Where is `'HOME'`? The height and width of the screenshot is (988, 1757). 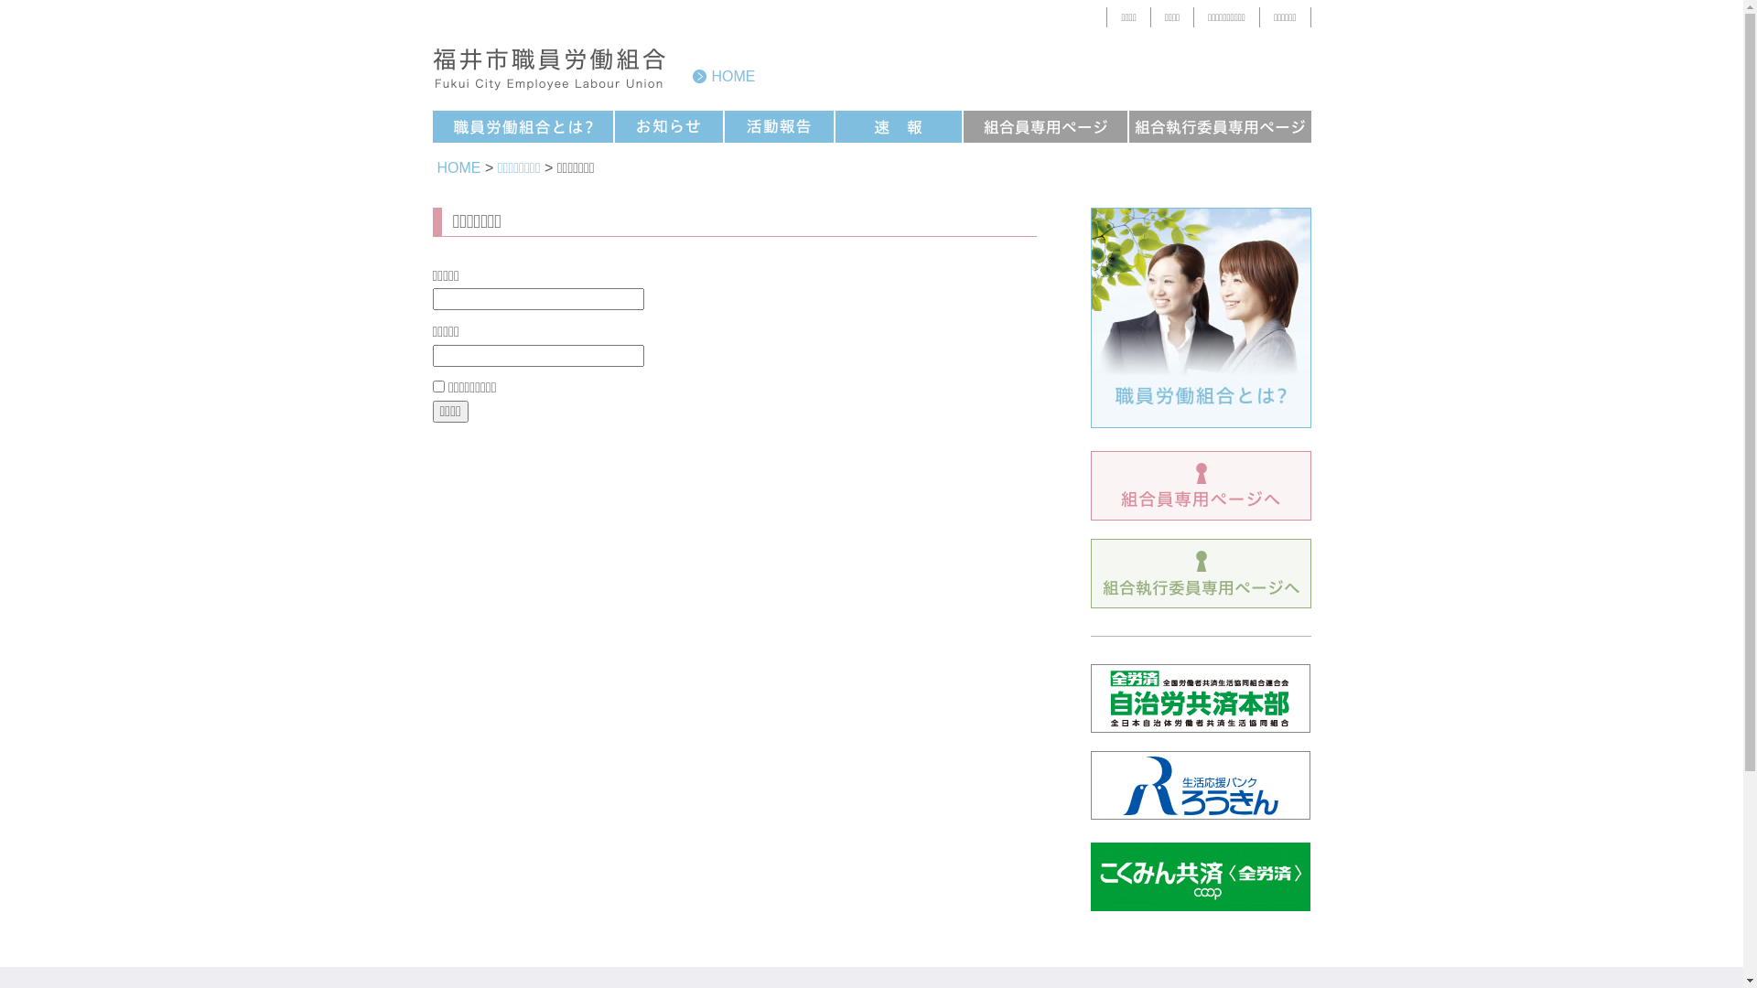
'HOME' is located at coordinates (722, 75).